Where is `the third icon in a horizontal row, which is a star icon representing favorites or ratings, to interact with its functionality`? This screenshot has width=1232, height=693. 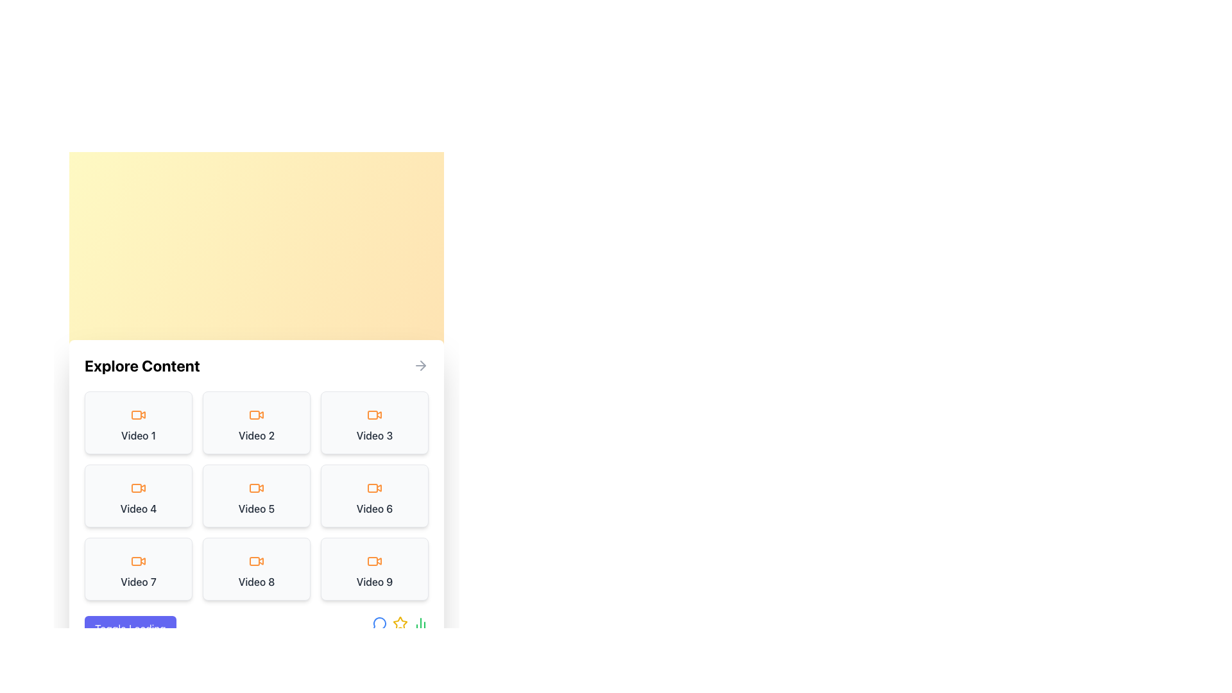
the third icon in a horizontal row, which is a star icon representing favorites or ratings, to interact with its functionality is located at coordinates (400, 623).